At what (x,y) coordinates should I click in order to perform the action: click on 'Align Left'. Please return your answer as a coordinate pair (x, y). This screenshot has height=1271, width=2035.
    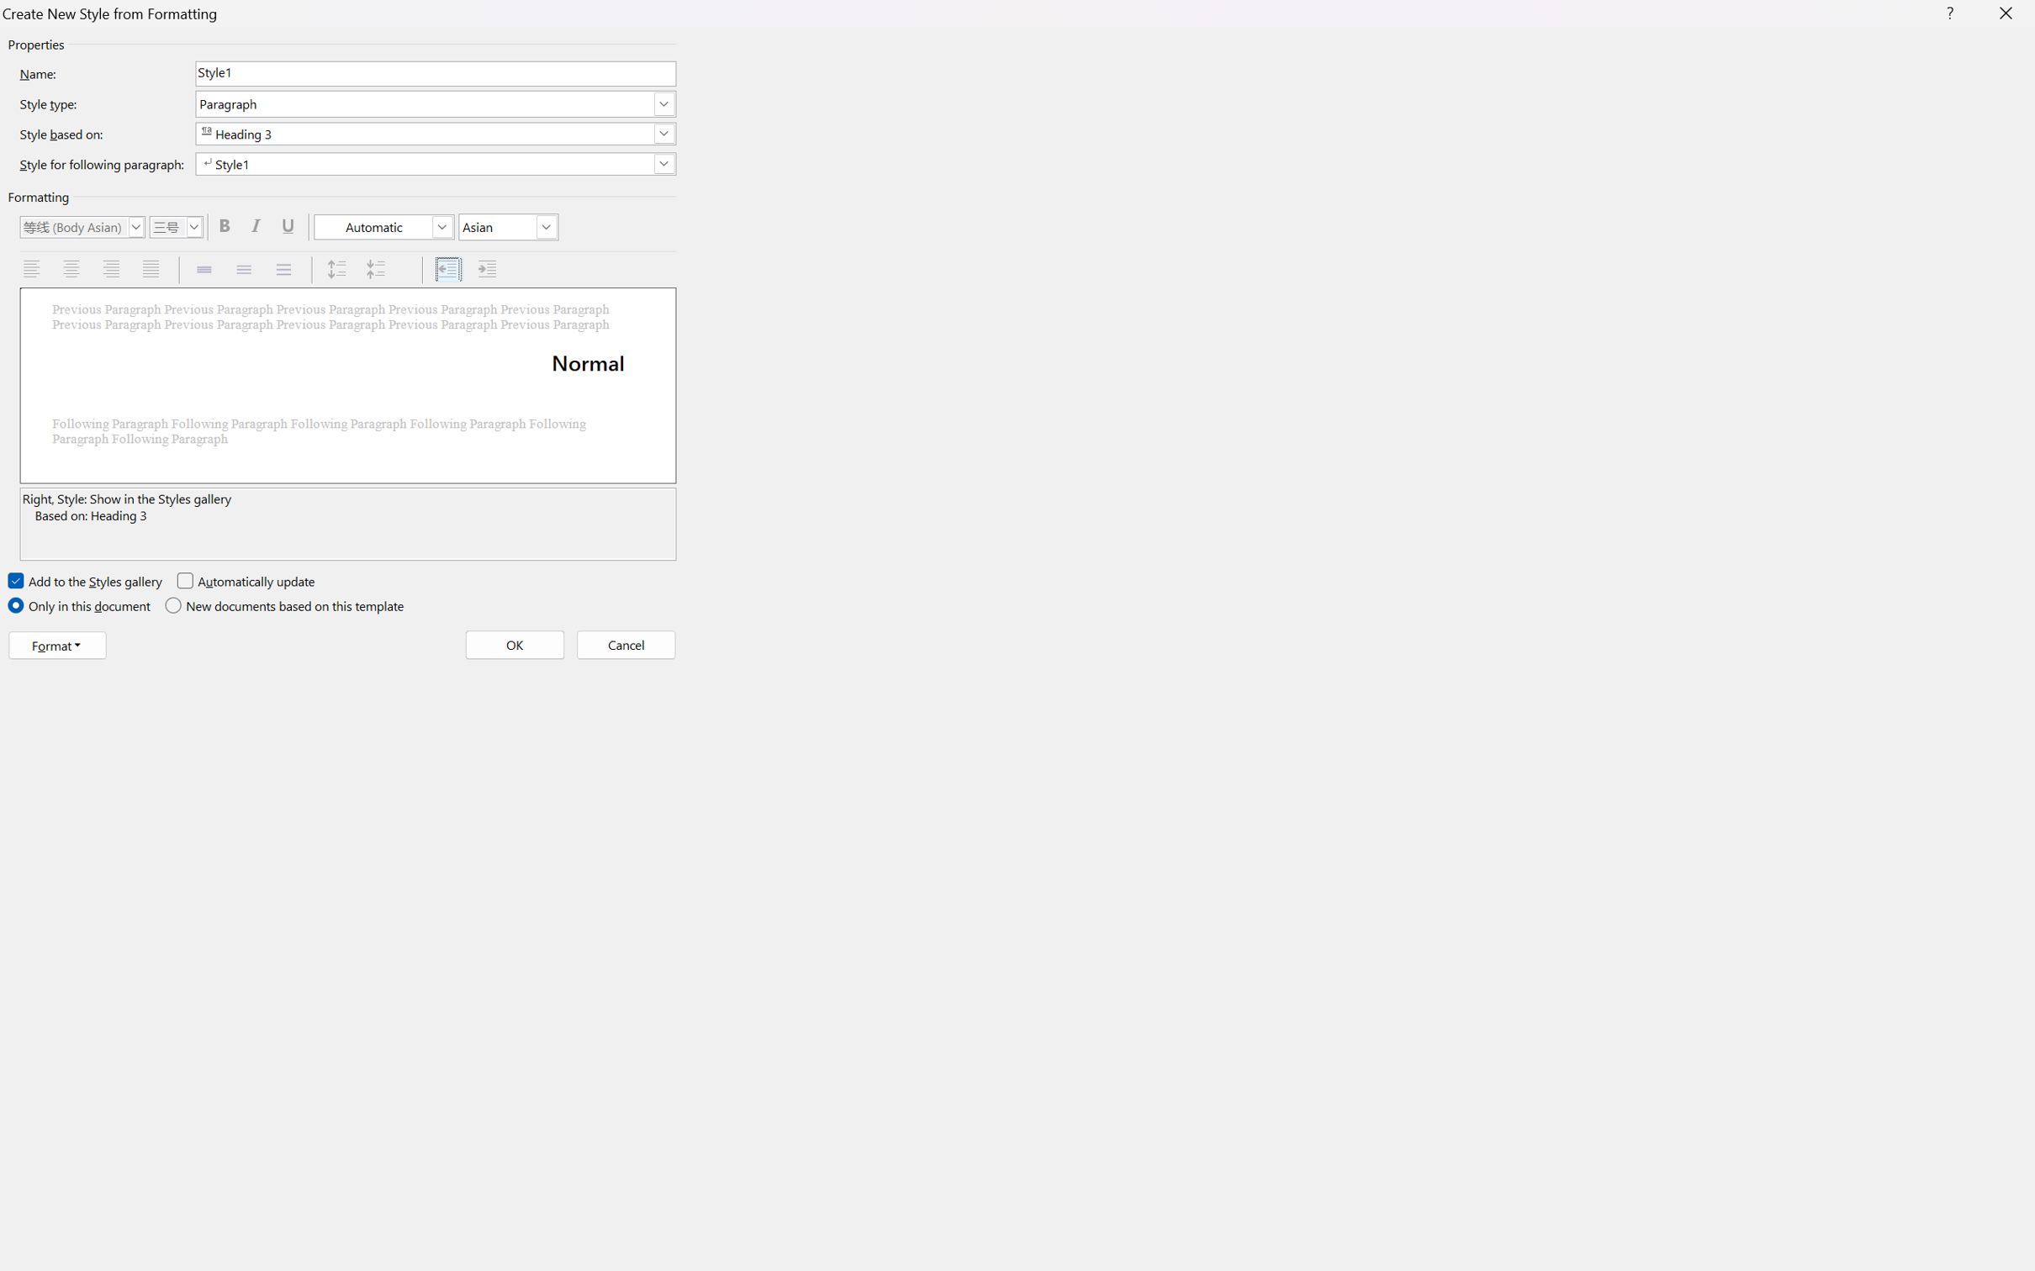
    Looking at the image, I should click on (33, 269).